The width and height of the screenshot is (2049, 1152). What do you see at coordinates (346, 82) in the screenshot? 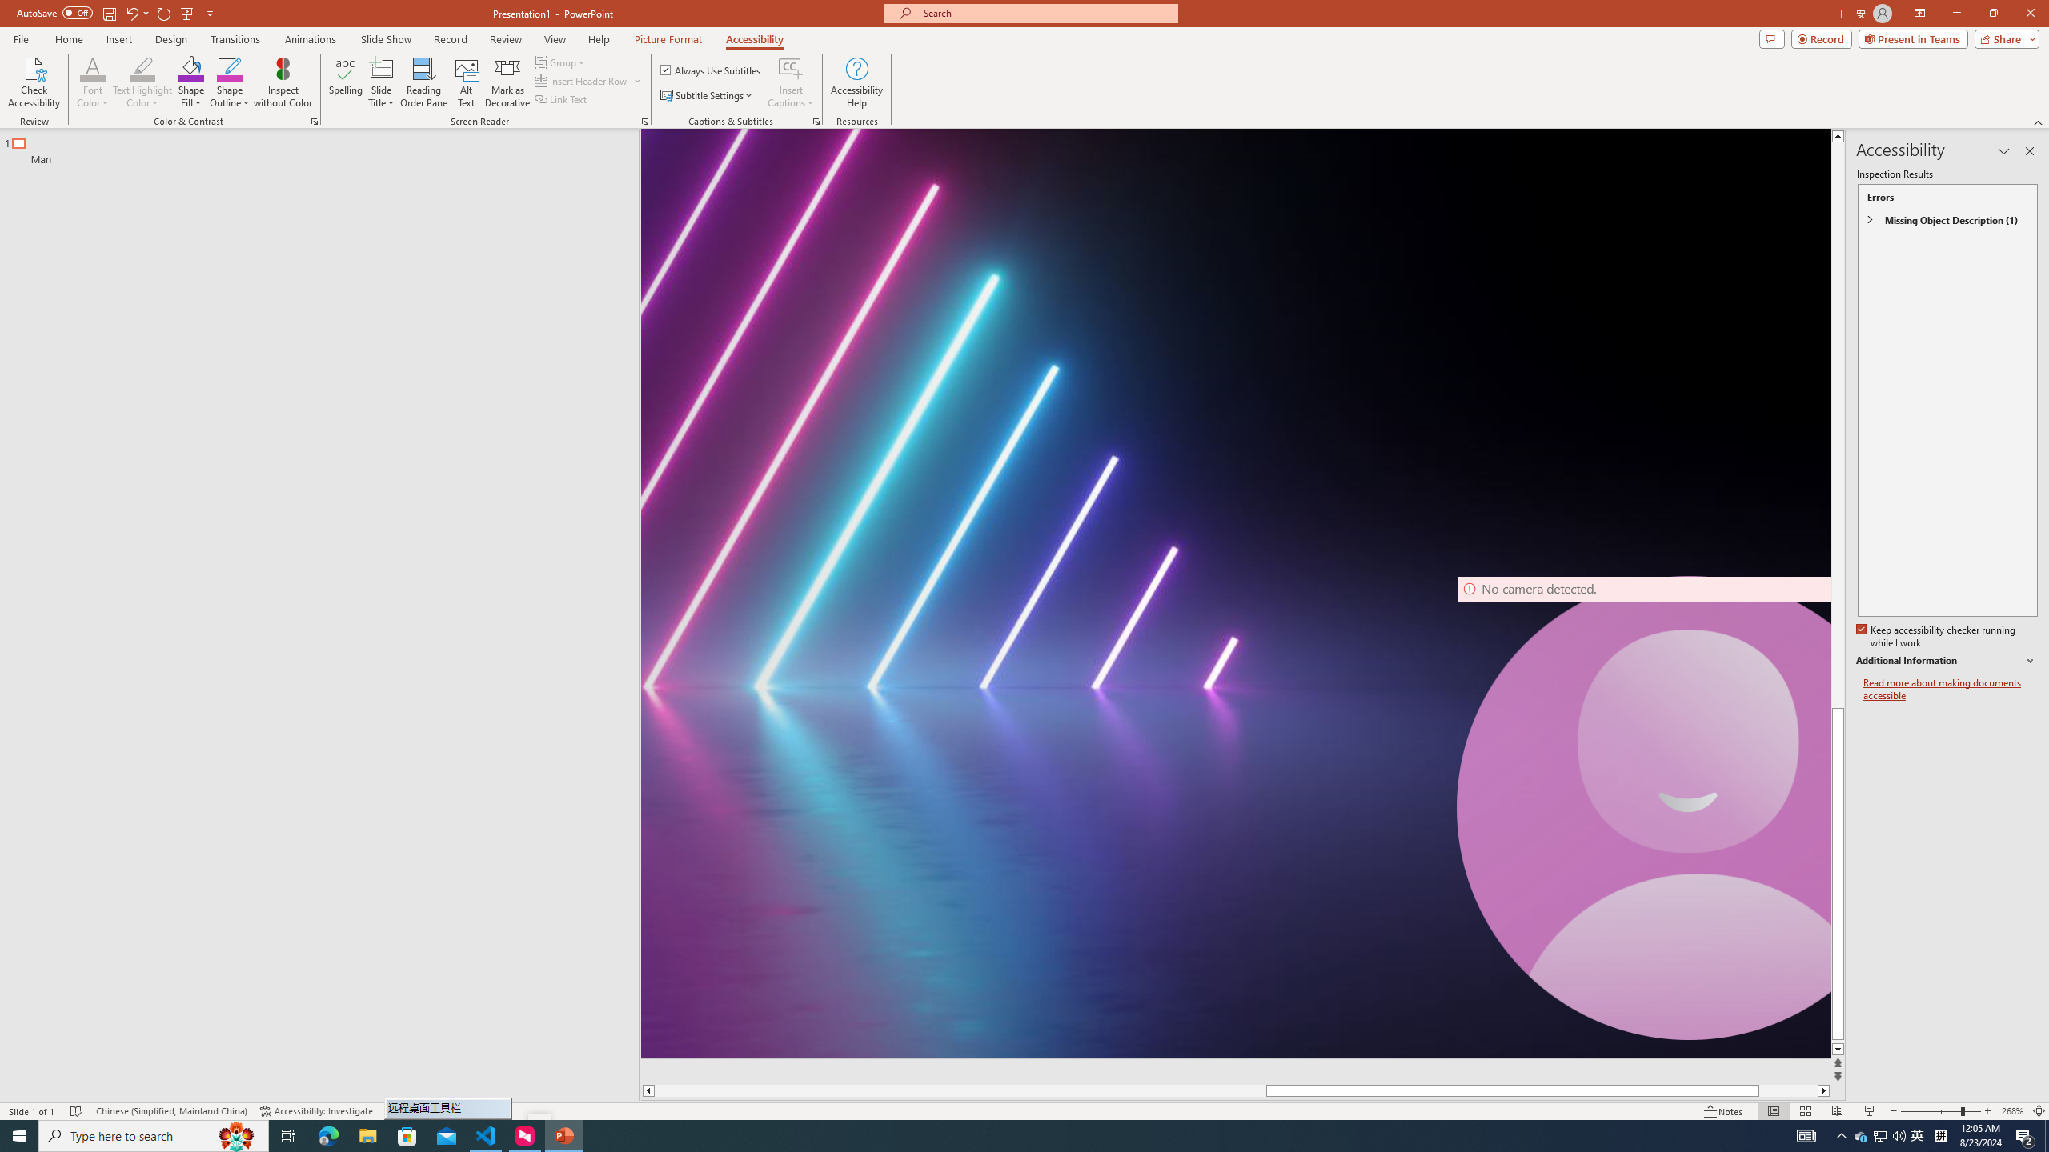
I see `'Spelling...'` at bounding box center [346, 82].